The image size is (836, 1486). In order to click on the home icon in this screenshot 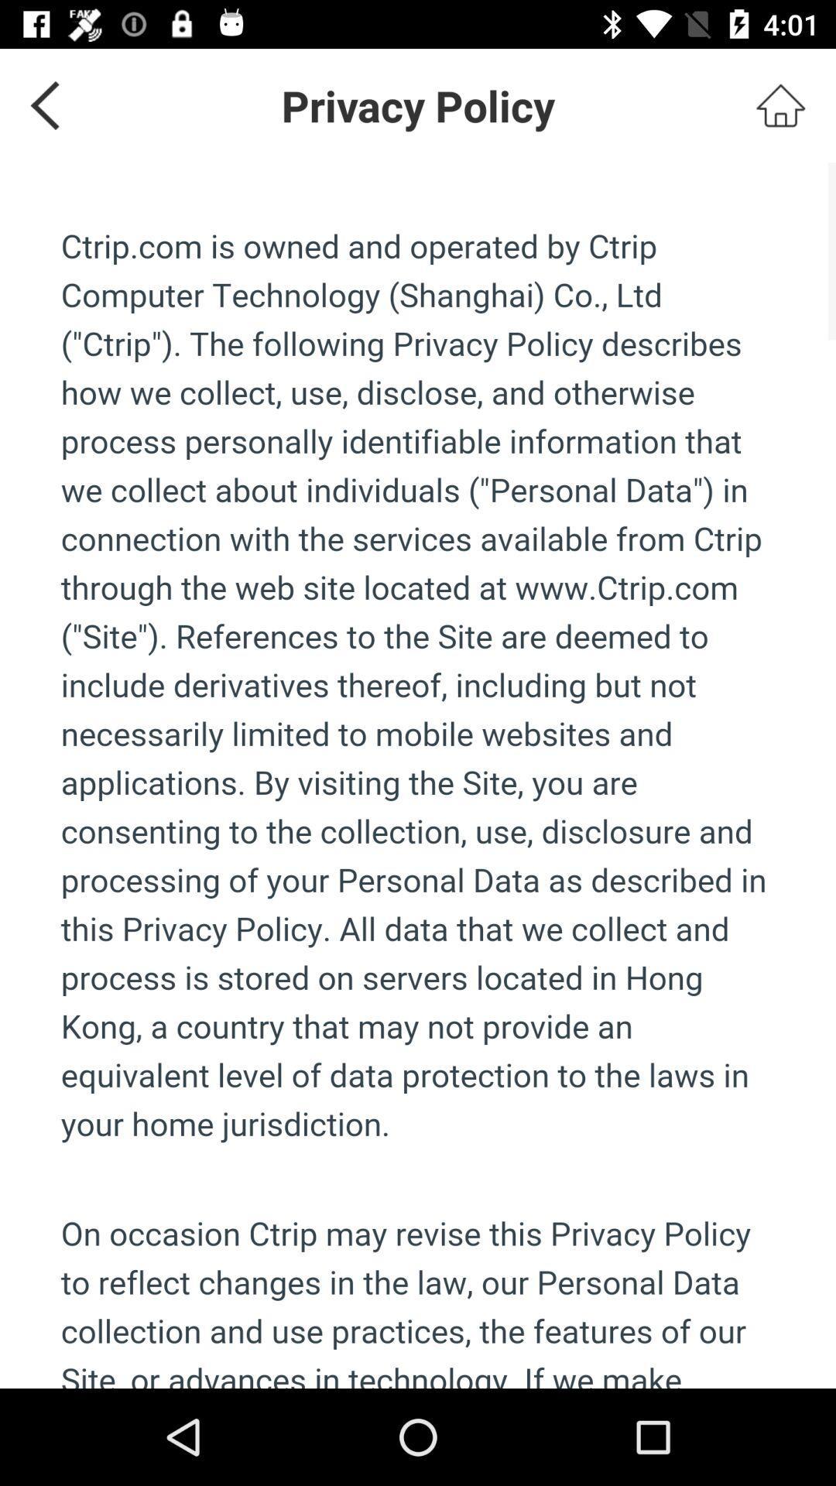, I will do `click(780, 104)`.